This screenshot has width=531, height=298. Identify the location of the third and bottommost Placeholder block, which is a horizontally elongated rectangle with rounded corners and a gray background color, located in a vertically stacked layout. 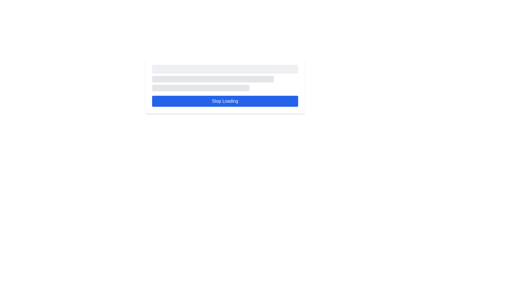
(200, 88).